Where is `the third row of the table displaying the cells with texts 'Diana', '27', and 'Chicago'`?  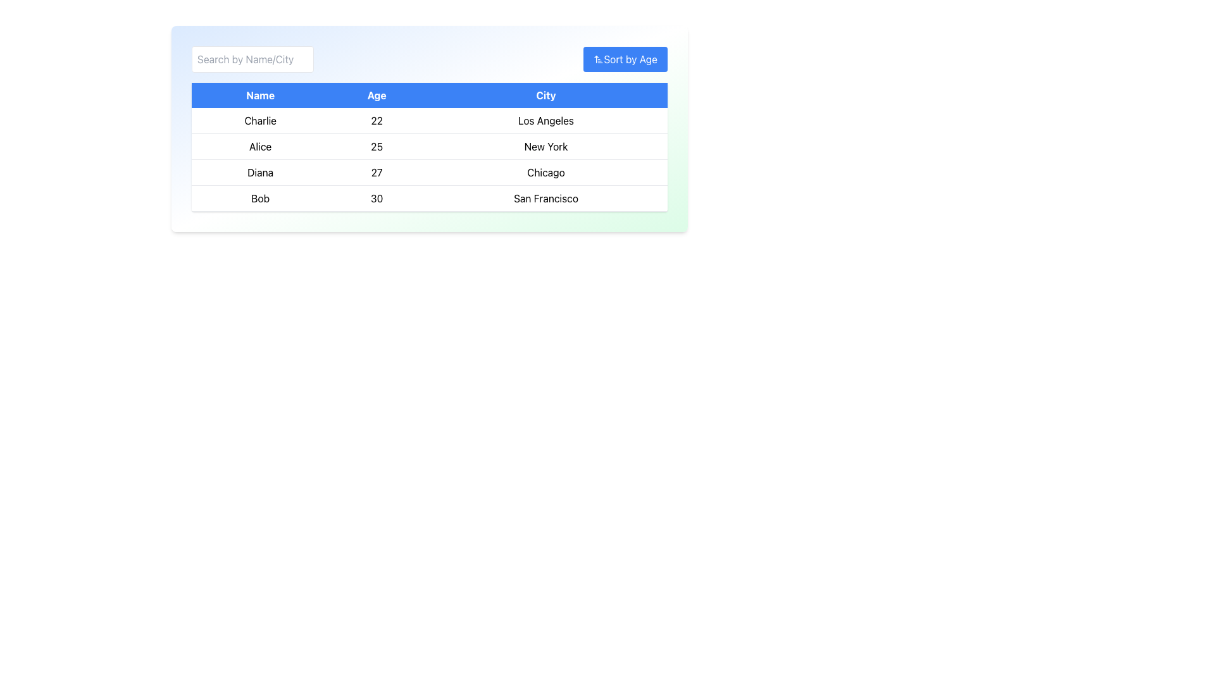
the third row of the table displaying the cells with texts 'Diana', '27', and 'Chicago' is located at coordinates (429, 173).